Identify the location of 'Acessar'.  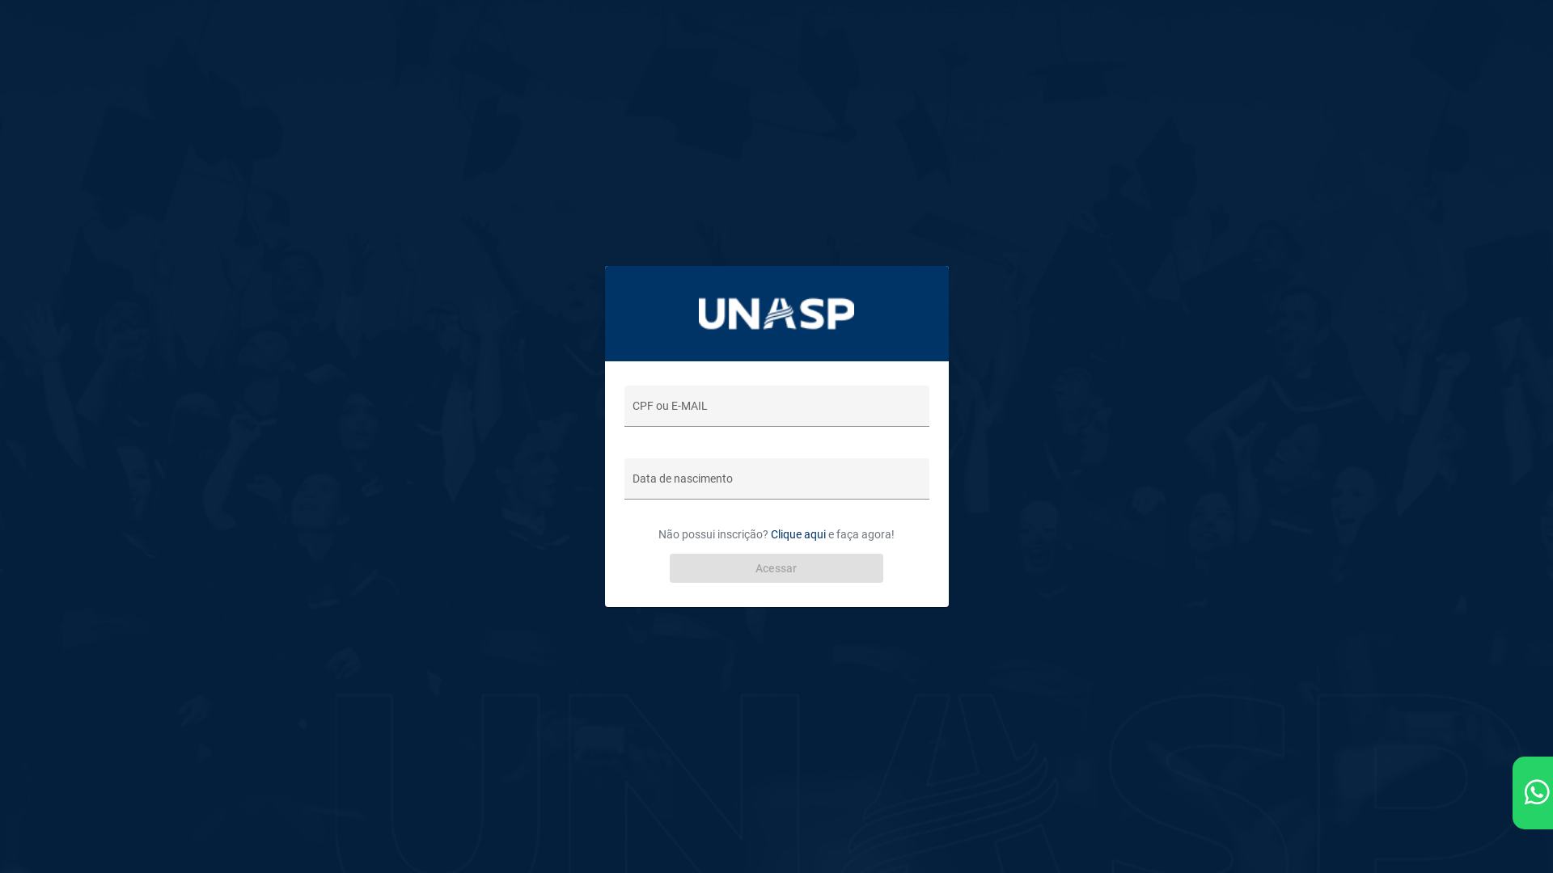
(776, 567).